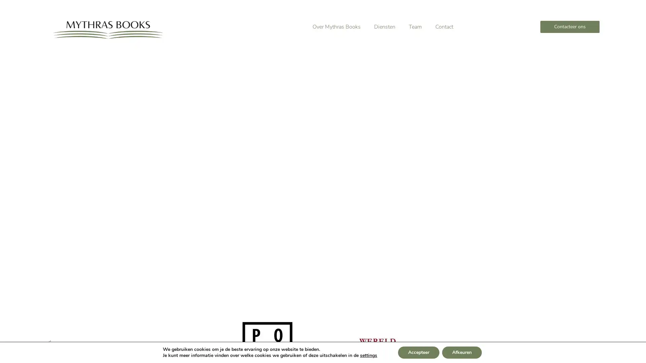  Describe the element at coordinates (569, 27) in the screenshot. I see `Contacteer ons` at that location.